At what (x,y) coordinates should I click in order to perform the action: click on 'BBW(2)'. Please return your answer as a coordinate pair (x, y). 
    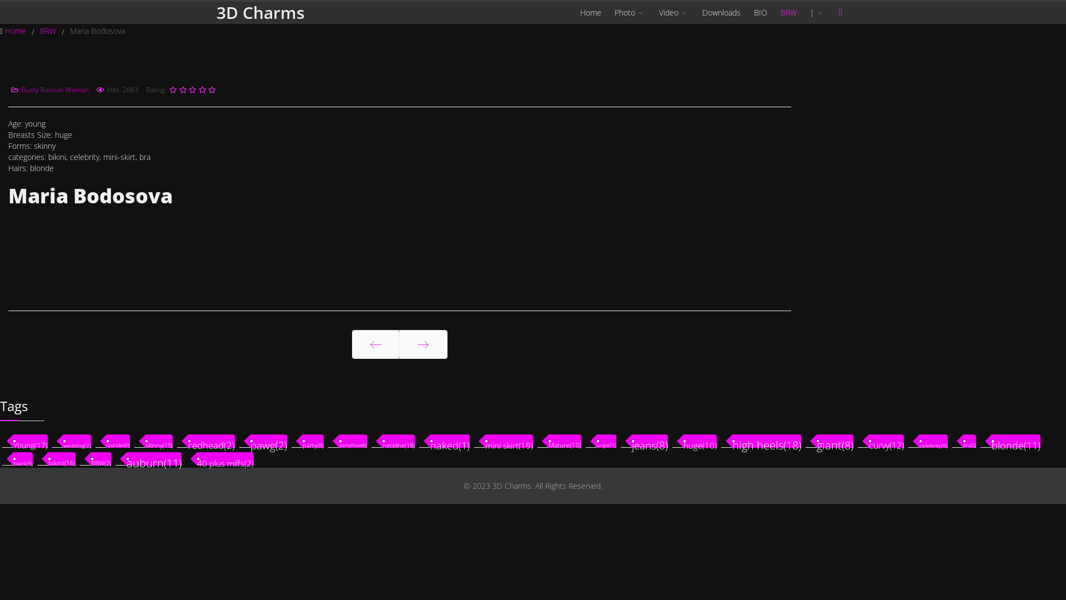
    Looking at the image, I should click on (101, 458).